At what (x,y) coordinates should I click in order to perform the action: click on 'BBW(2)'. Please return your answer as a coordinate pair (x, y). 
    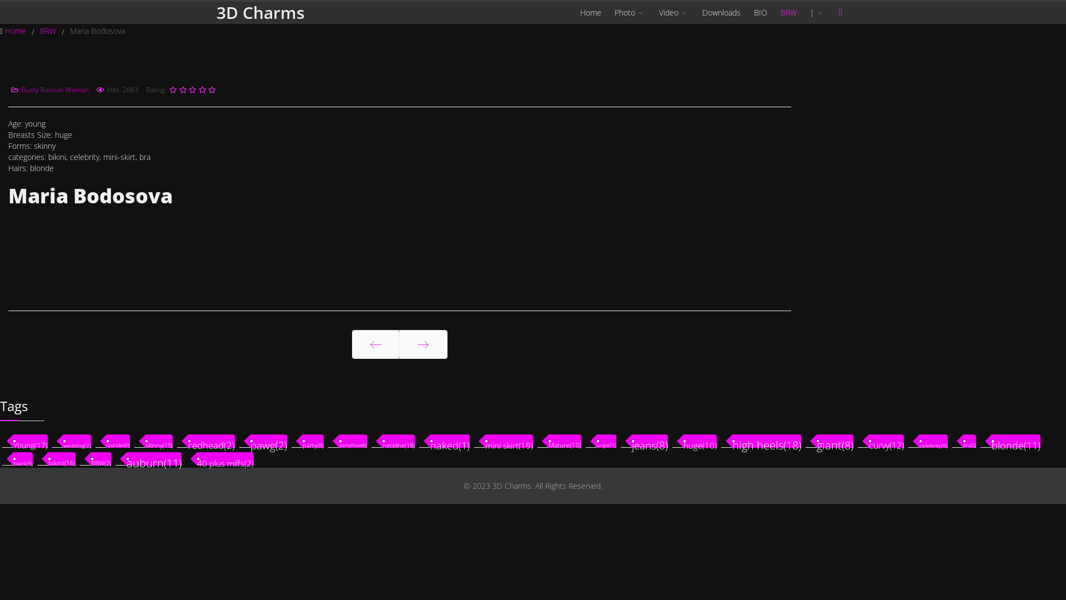
    Looking at the image, I should click on (101, 458).